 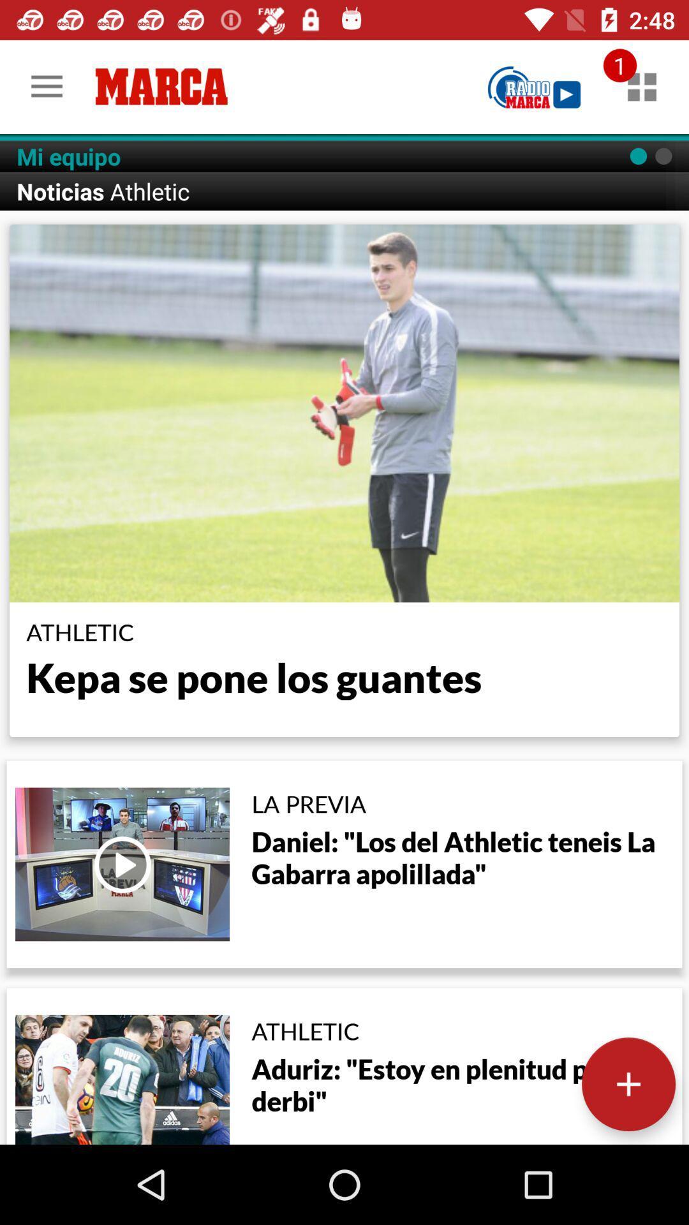 I want to click on the add icon, so click(x=628, y=1083).